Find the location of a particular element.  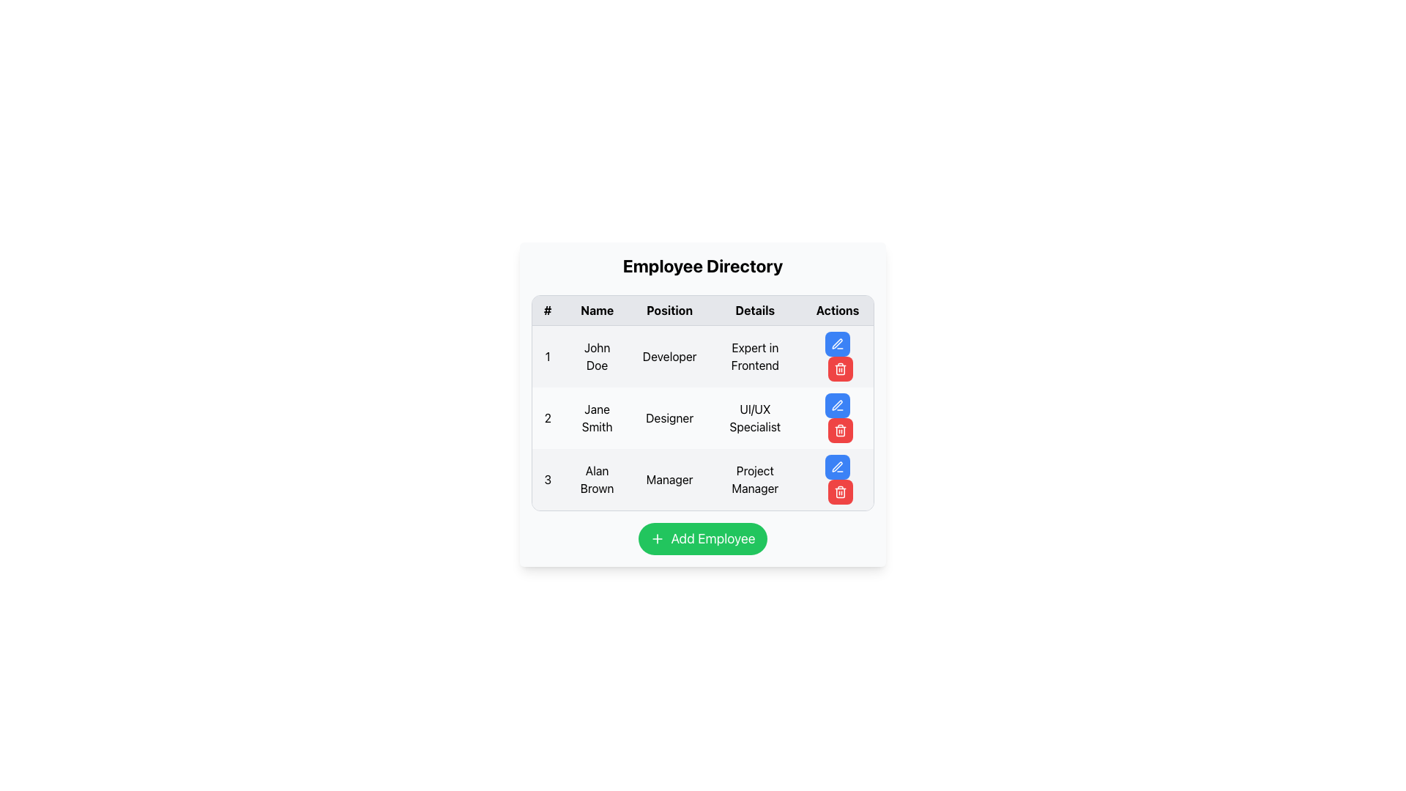

the header text for the 'Name' column in the table, which is located in the second column of the header row, between the '#' column and the 'Position' column is located at coordinates (597, 310).